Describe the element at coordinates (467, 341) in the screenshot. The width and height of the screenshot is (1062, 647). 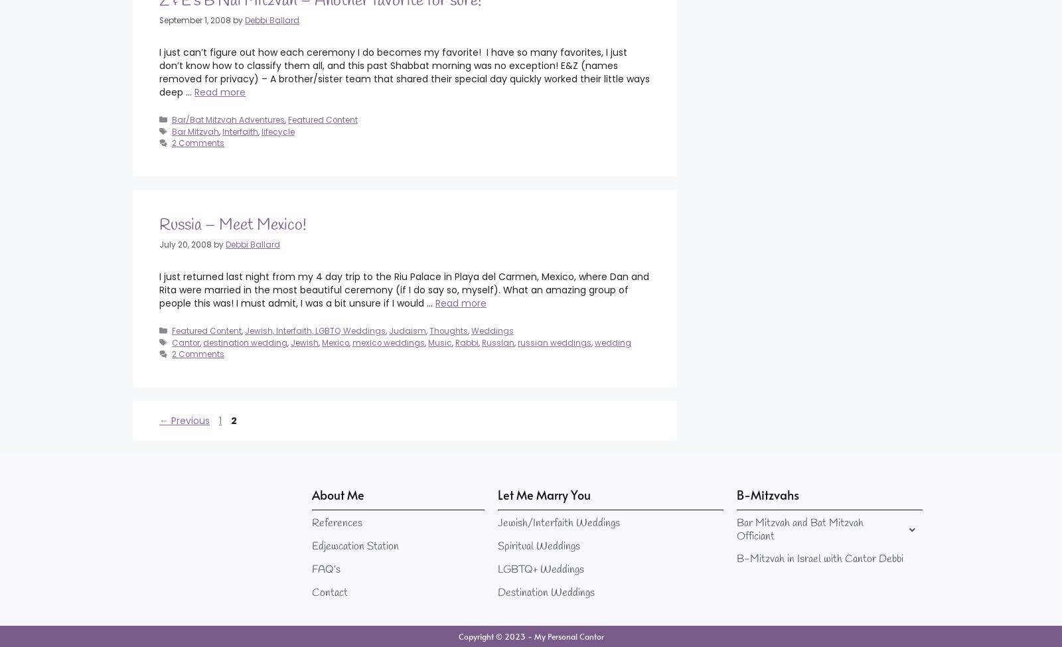
I see `'Rabbi'` at that location.